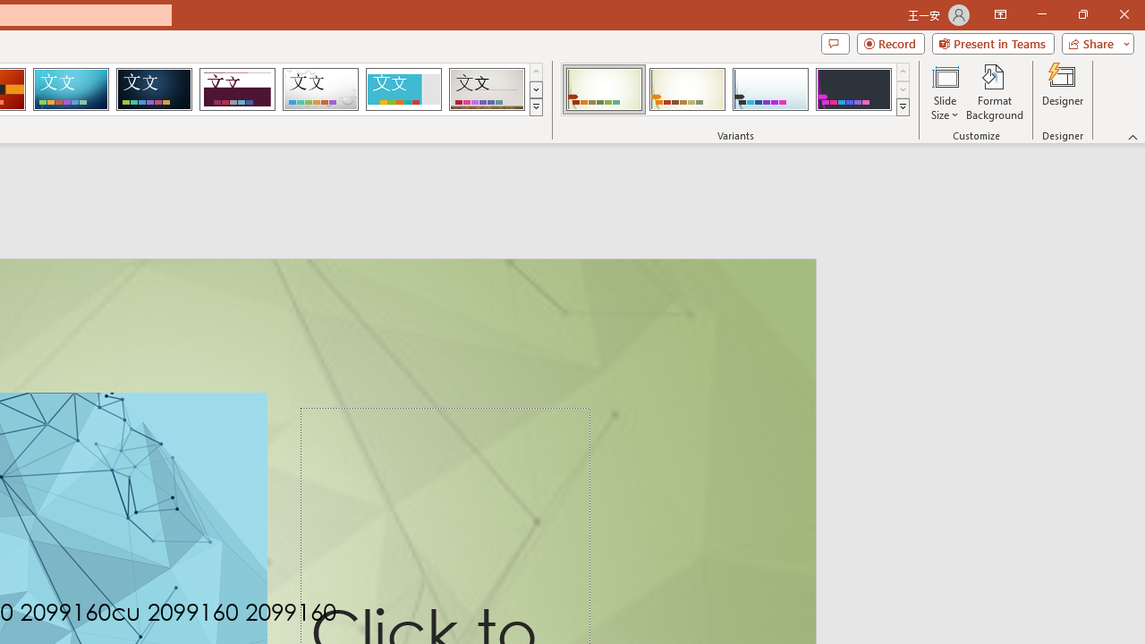  Describe the element at coordinates (736, 89) in the screenshot. I see `'AutomationID: ThemeVariantsGallery'` at that location.